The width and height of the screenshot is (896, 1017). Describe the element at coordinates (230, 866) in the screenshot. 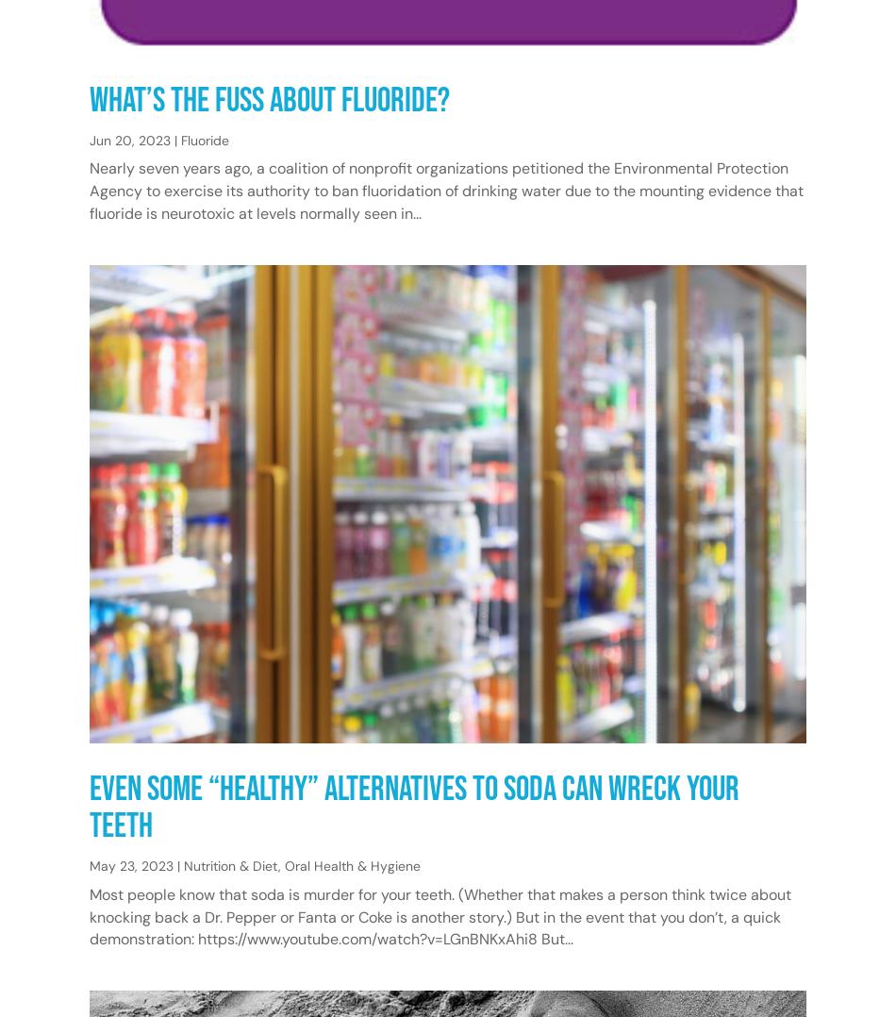

I see `'Nutrition & Diet'` at that location.